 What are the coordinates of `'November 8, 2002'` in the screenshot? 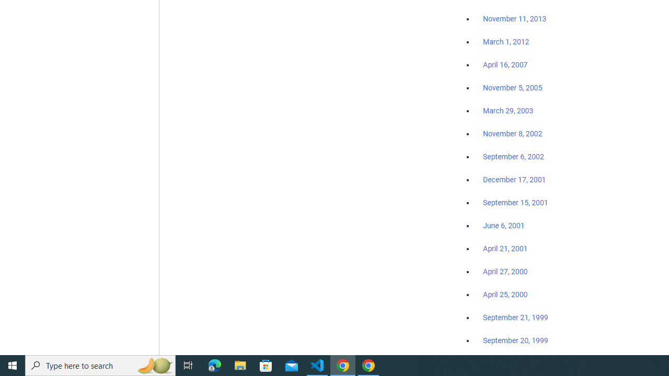 It's located at (513, 133).